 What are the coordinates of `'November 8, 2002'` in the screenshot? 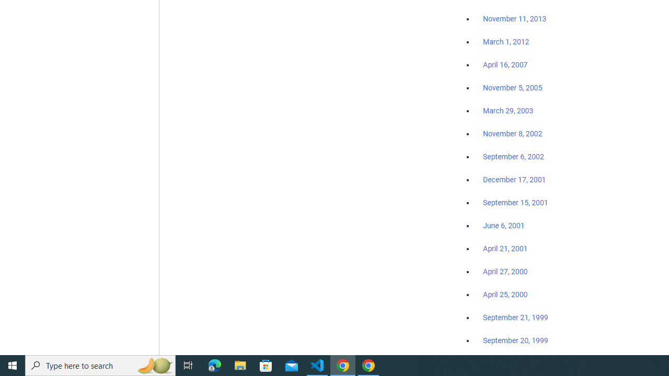 It's located at (513, 133).